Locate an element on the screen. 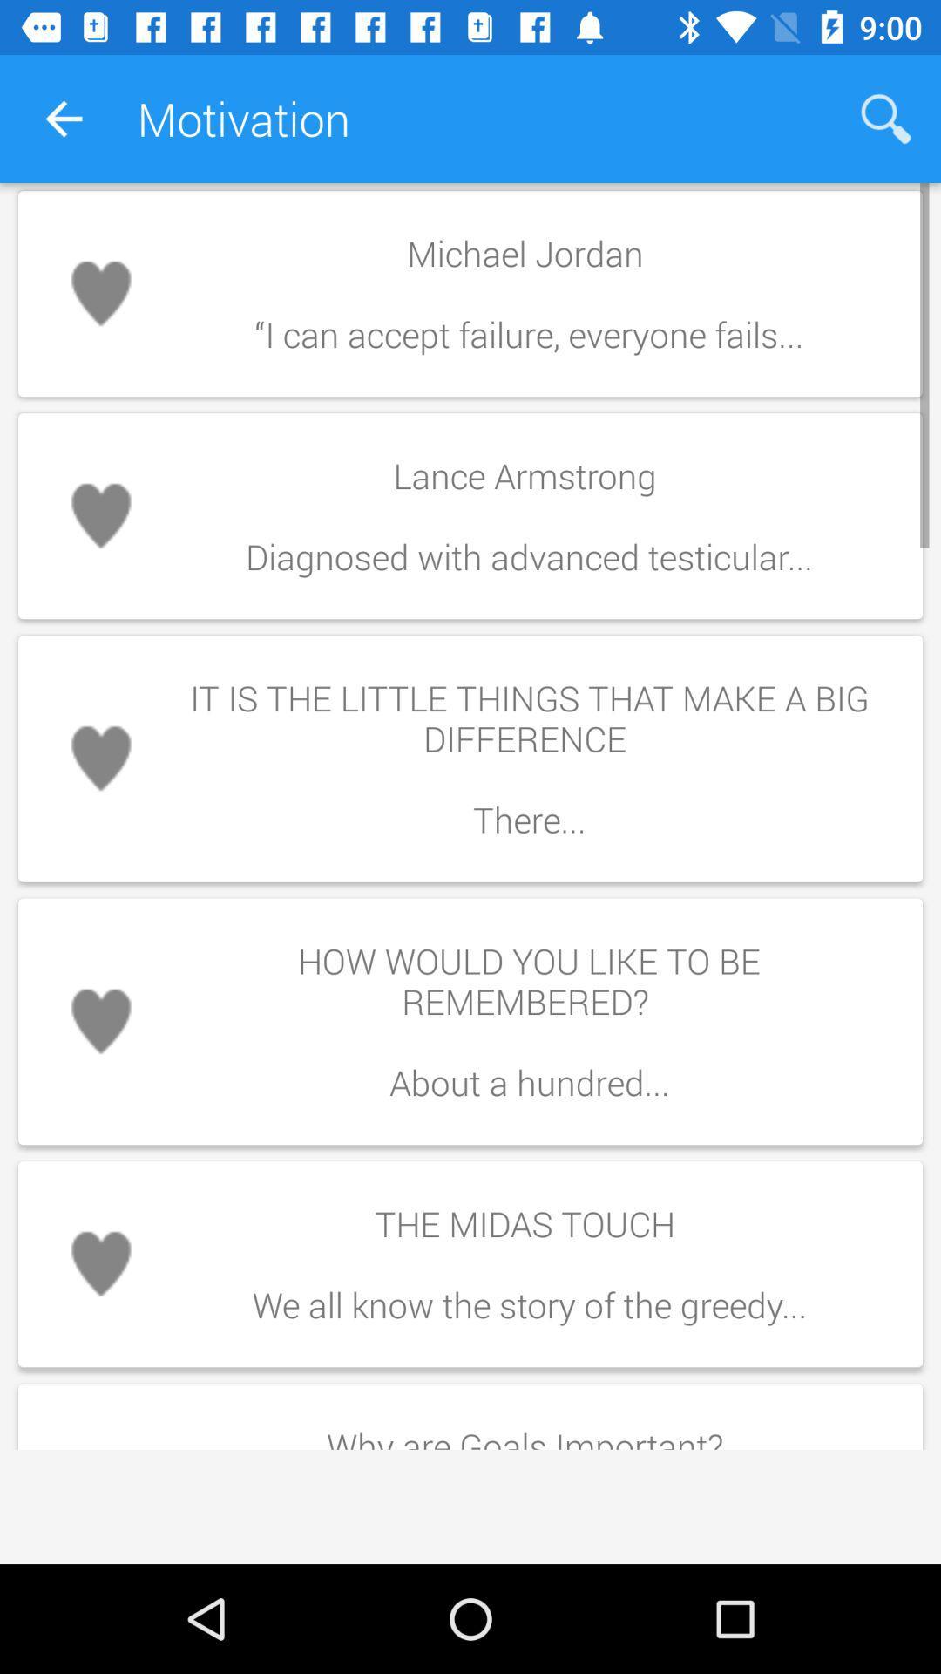 The width and height of the screenshot is (941, 1674). the midas touch icon is located at coordinates (528, 1264).